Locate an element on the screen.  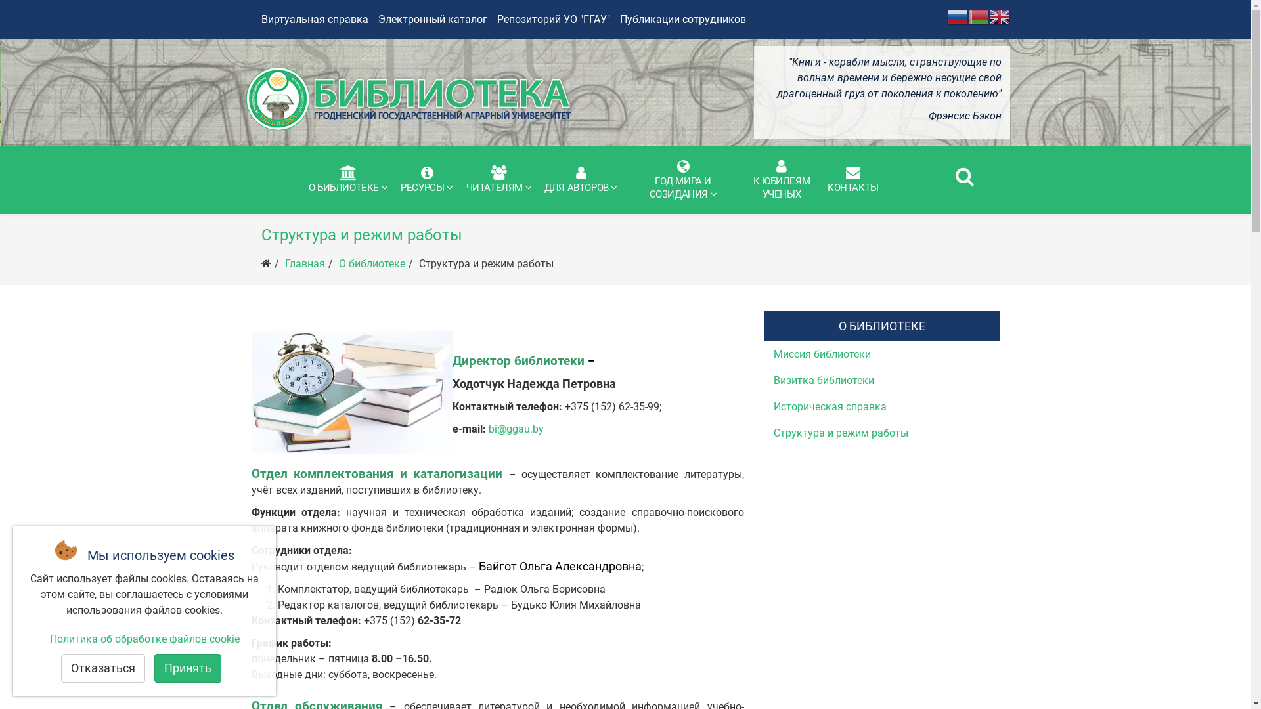
'Belarusian' is located at coordinates (978, 16).